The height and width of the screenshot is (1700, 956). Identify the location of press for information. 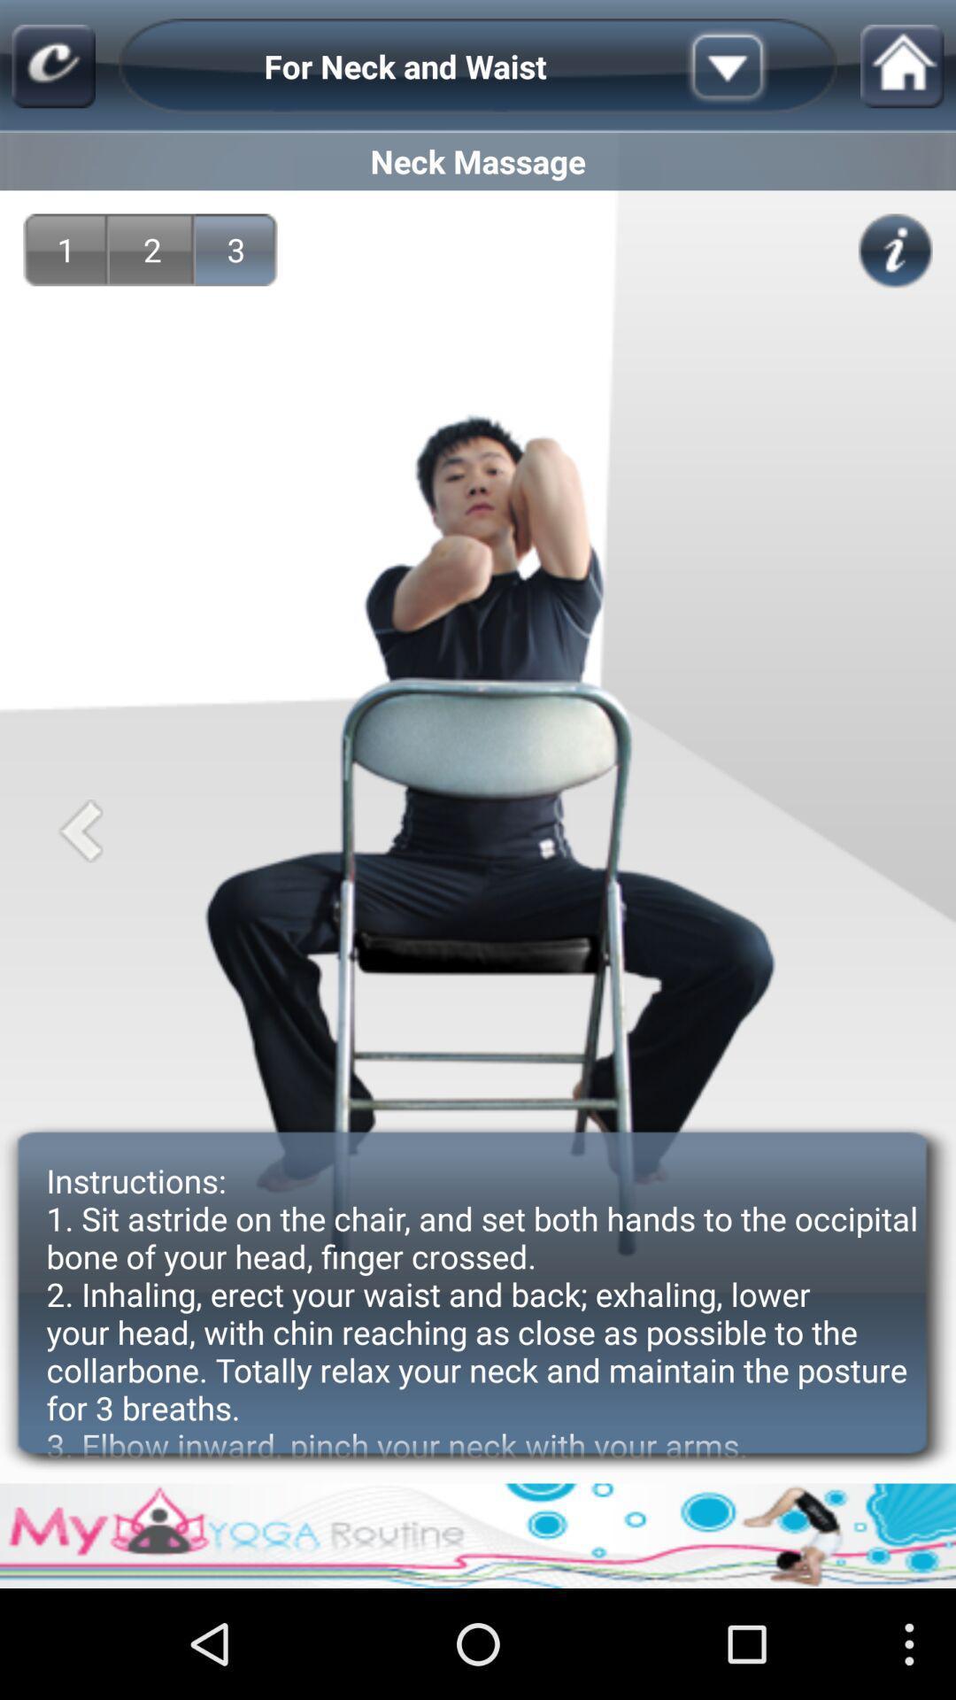
(895, 250).